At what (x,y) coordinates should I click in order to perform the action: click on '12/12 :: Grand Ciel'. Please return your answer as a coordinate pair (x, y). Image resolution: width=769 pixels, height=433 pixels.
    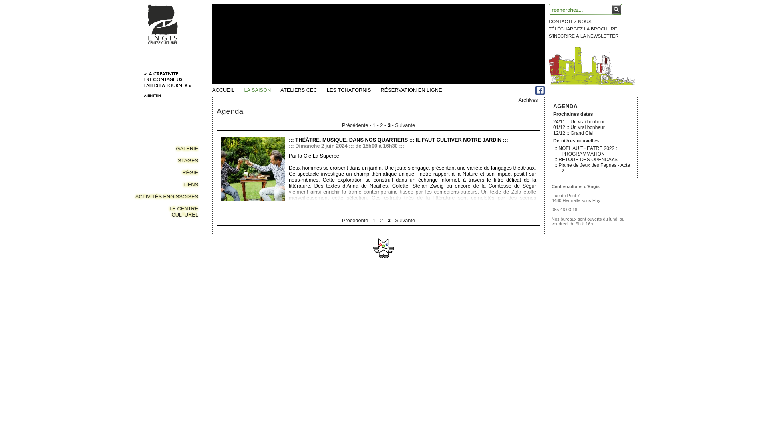
    Looking at the image, I should click on (573, 132).